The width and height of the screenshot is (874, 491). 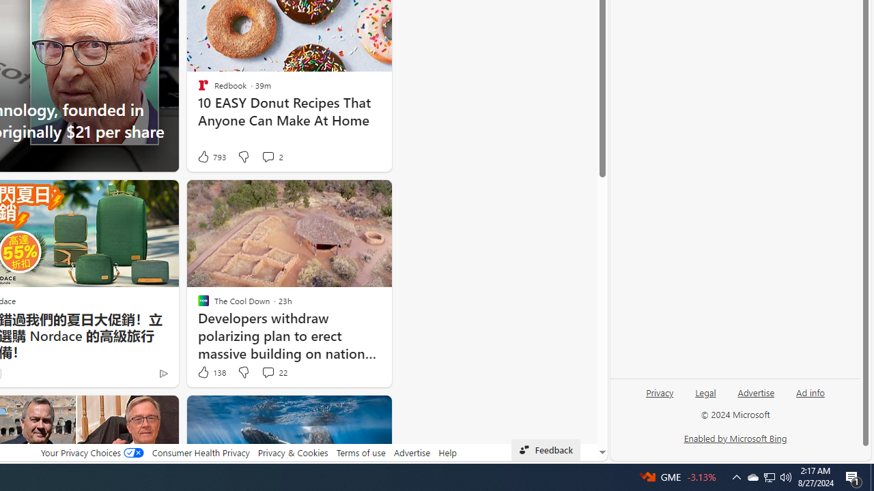 I want to click on 'Your Privacy Choices', so click(x=91, y=452).